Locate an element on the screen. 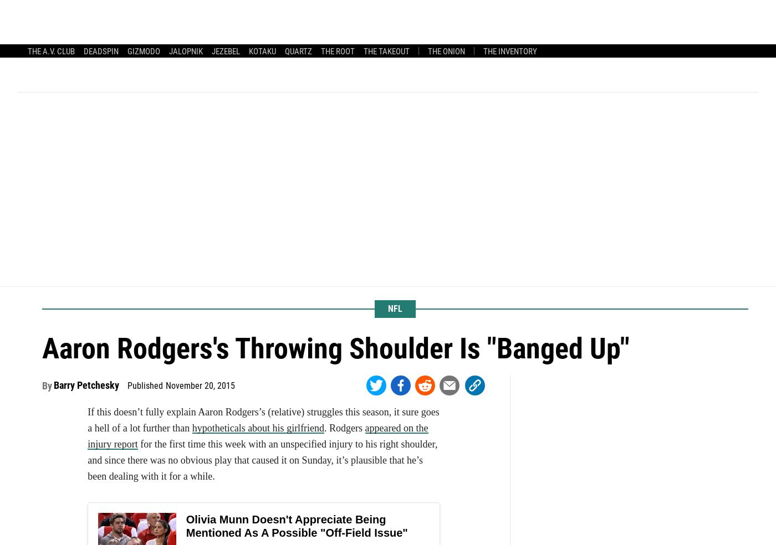 This screenshot has height=545, width=776. 'Latest' is located at coordinates (225, 18).